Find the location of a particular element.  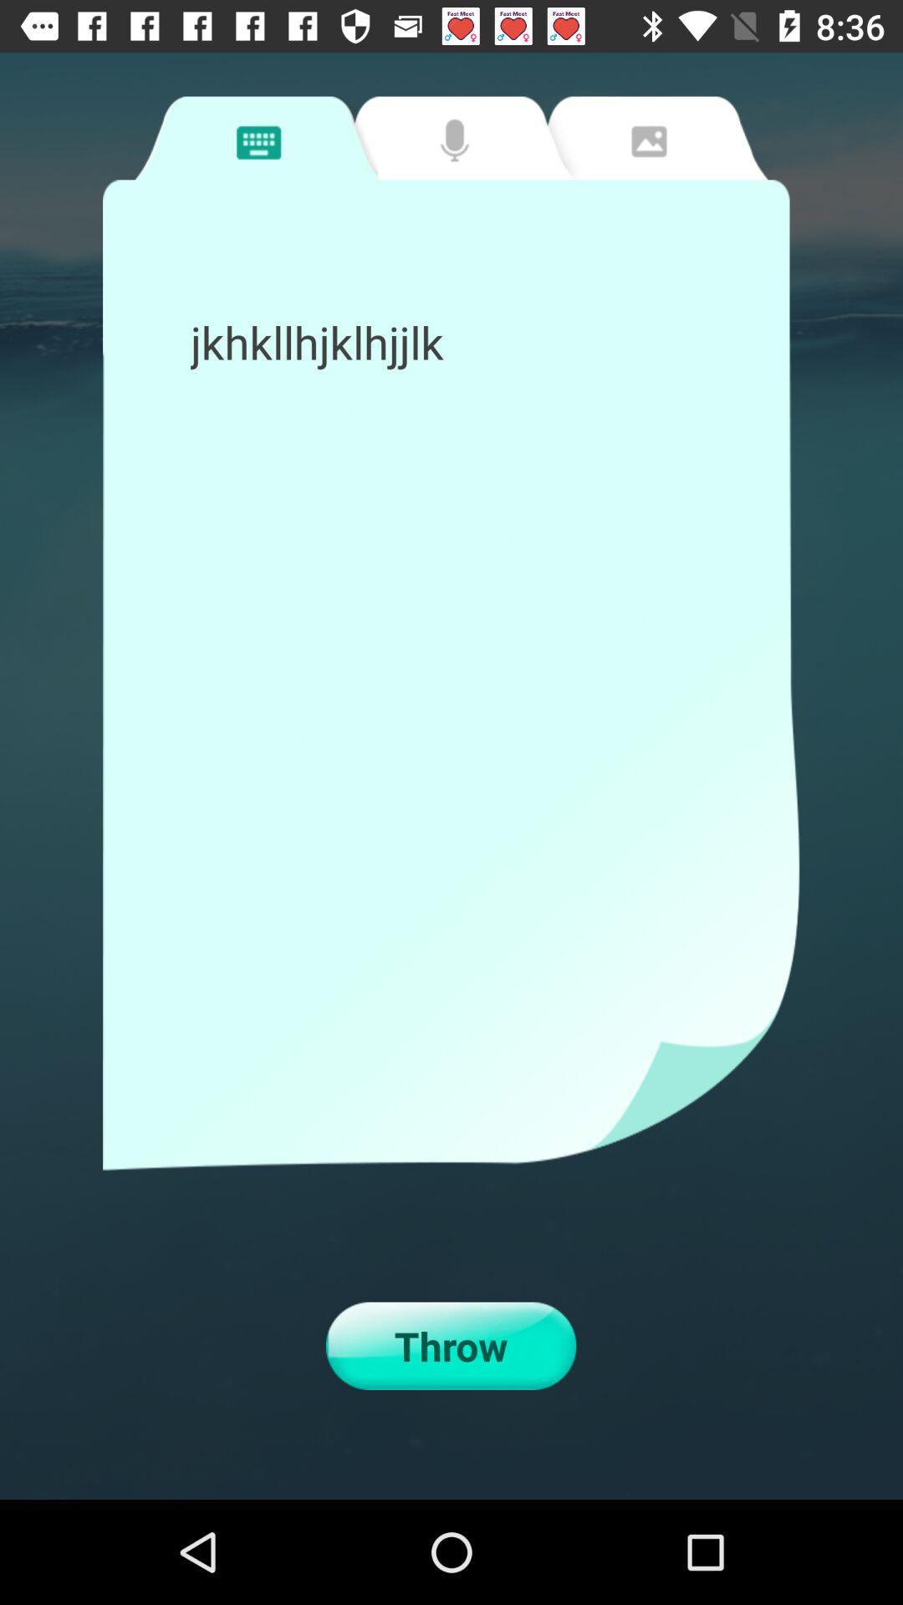

microphone tab is located at coordinates (449, 138).